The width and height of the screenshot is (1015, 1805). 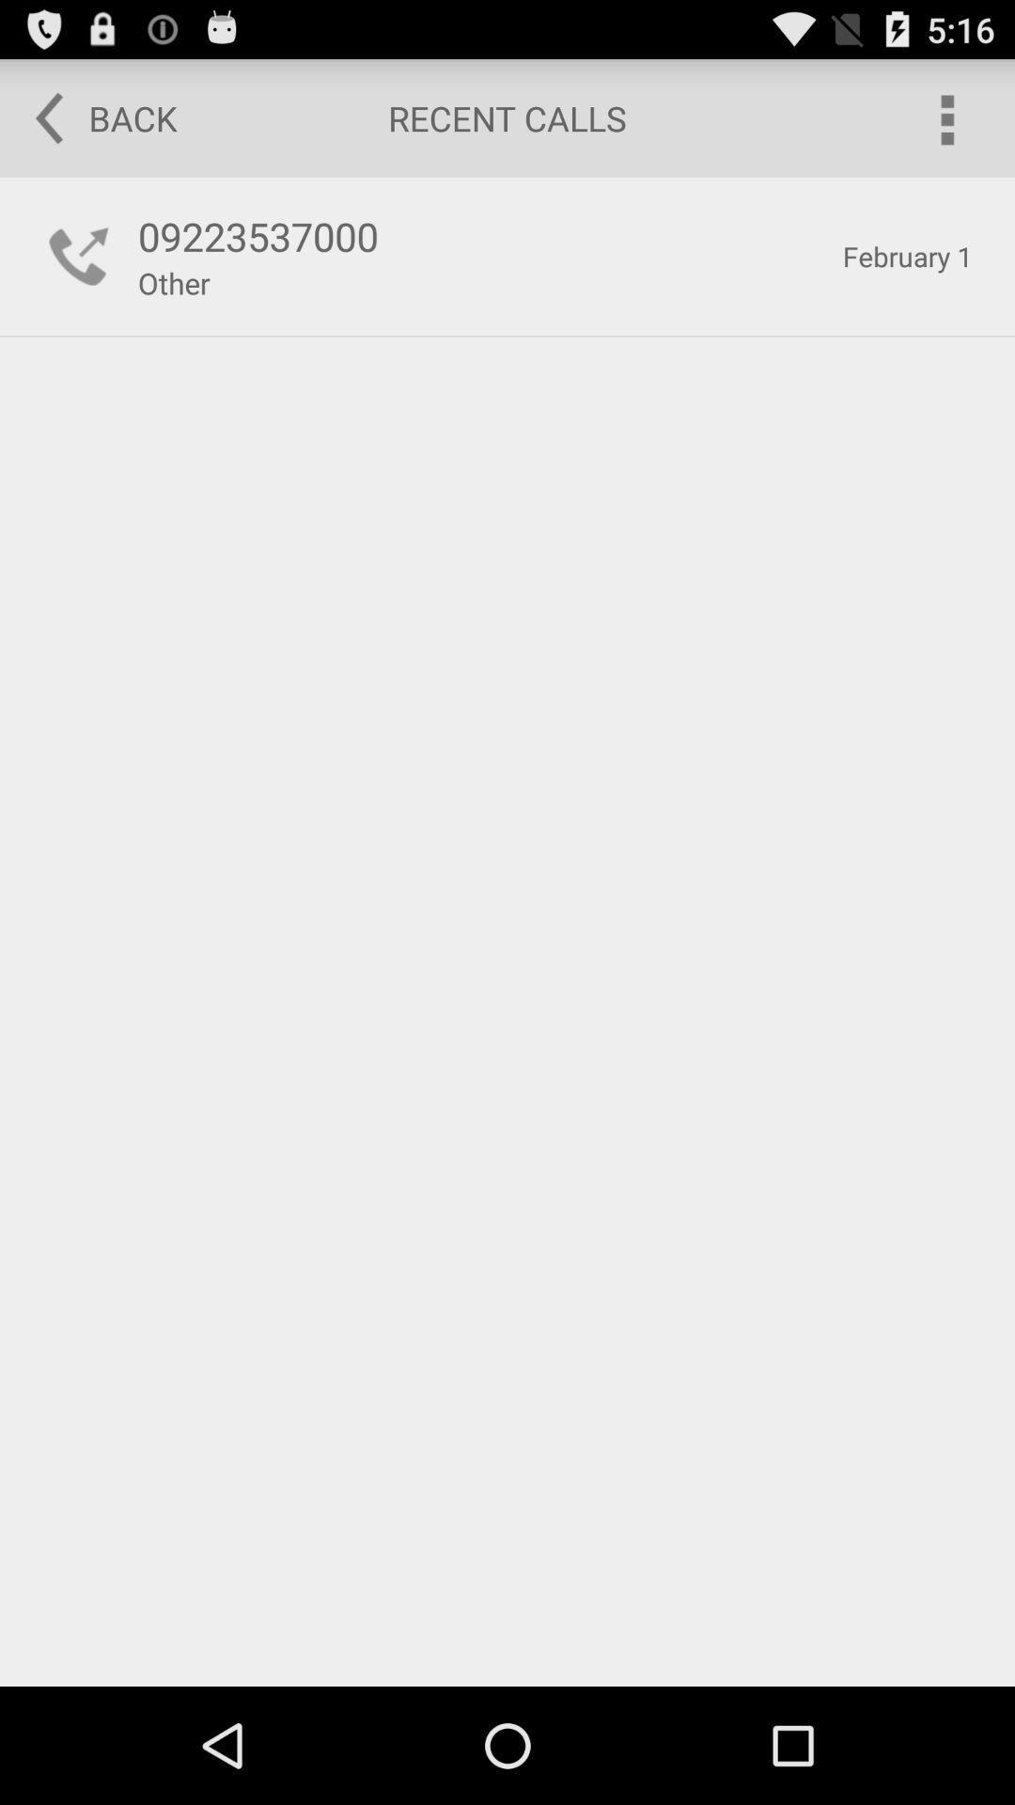 I want to click on the item above the other icon, so click(x=479, y=235).